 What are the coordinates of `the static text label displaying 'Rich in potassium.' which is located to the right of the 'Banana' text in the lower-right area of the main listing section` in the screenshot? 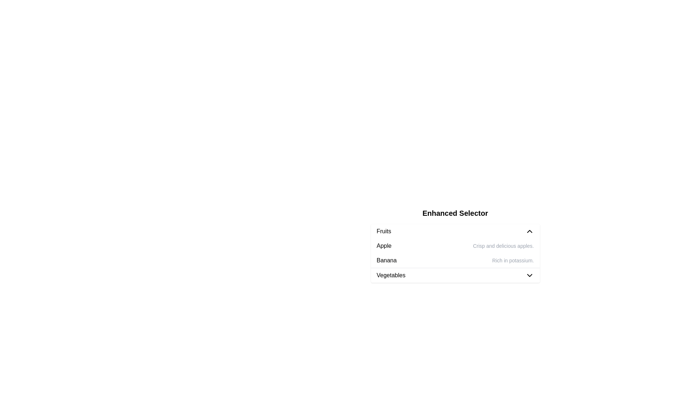 It's located at (513, 260).